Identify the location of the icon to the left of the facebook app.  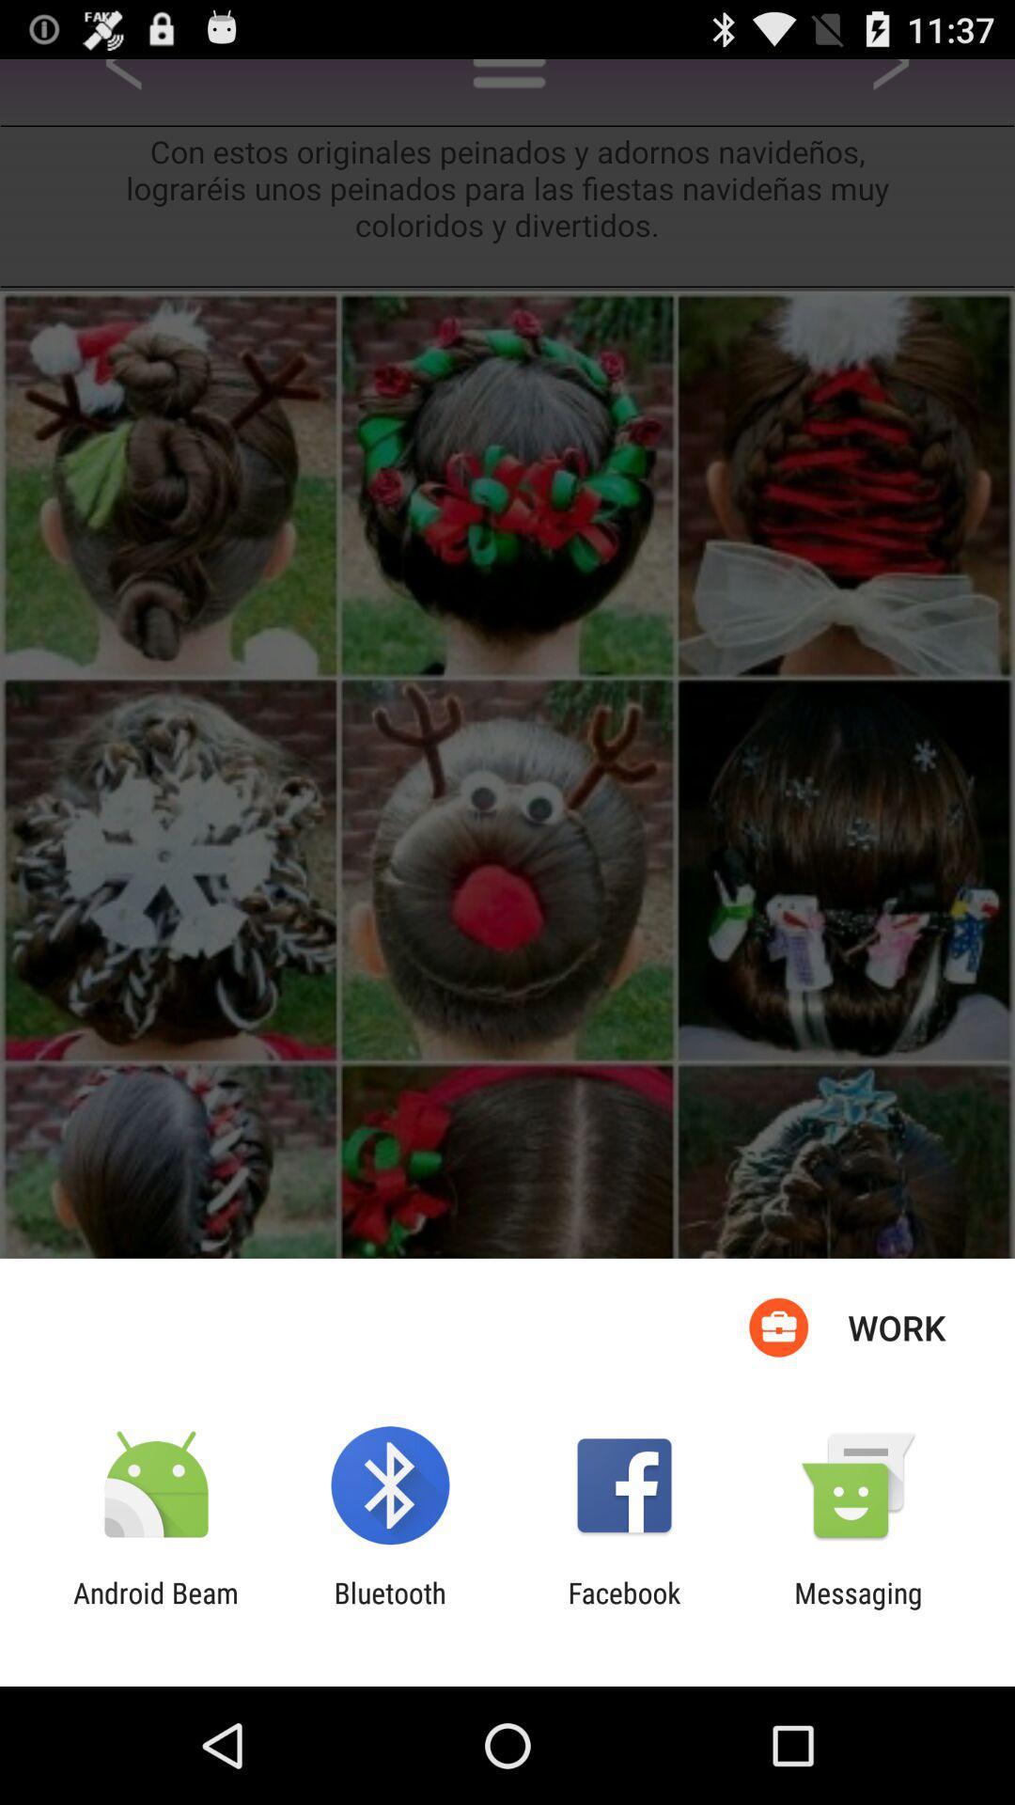
(389, 1609).